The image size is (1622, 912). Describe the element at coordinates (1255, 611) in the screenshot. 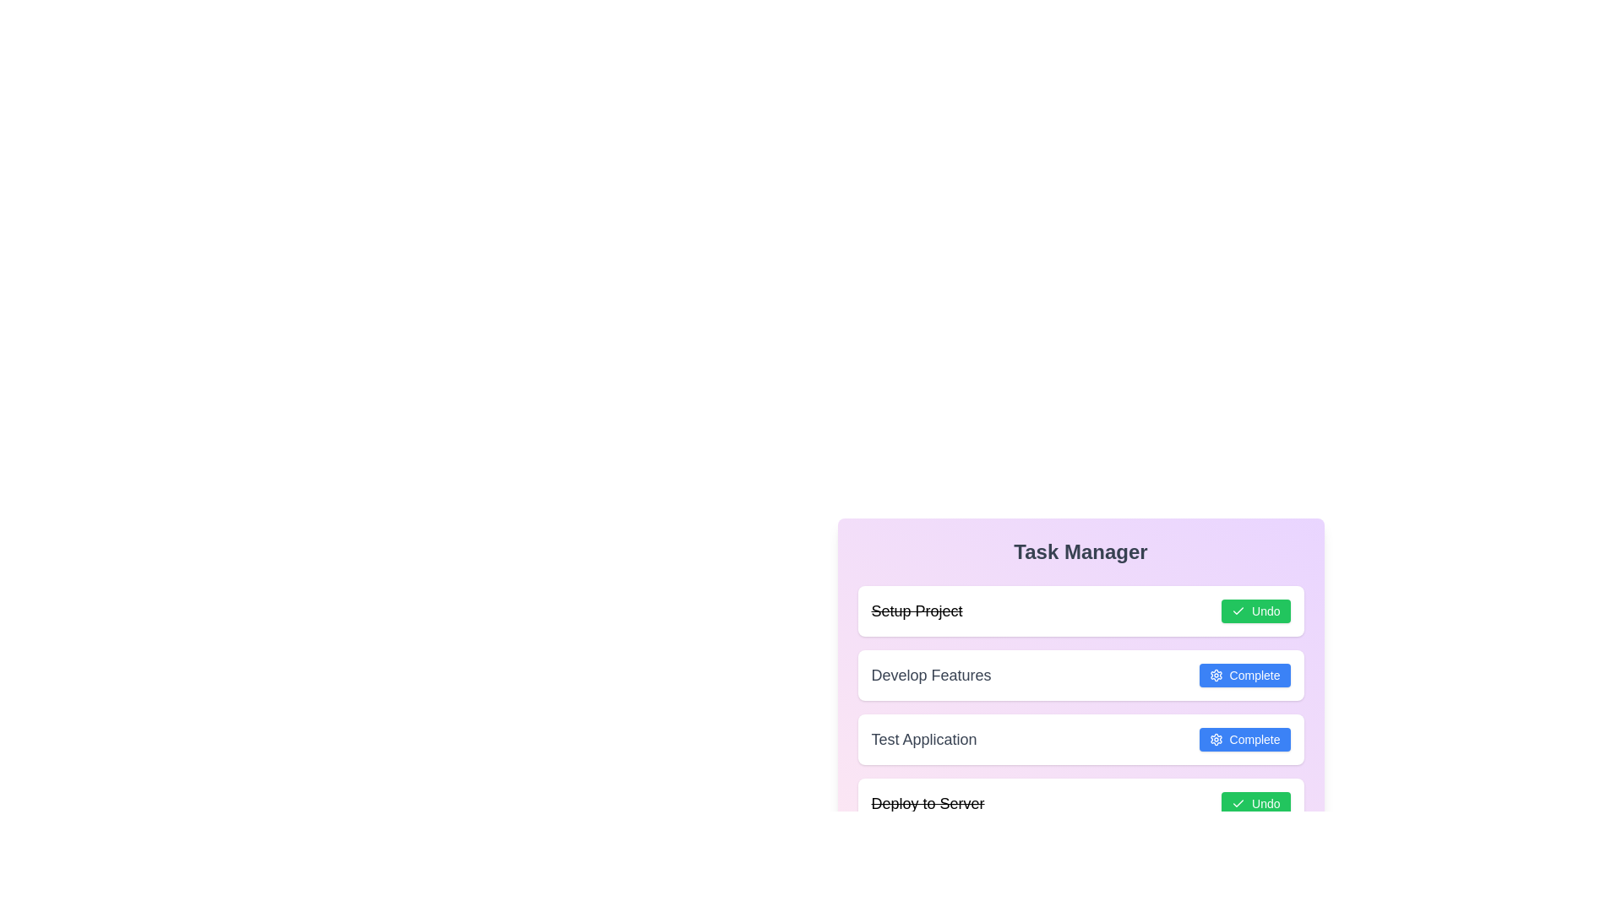

I see `the Undo button for the task Setup Project` at that location.